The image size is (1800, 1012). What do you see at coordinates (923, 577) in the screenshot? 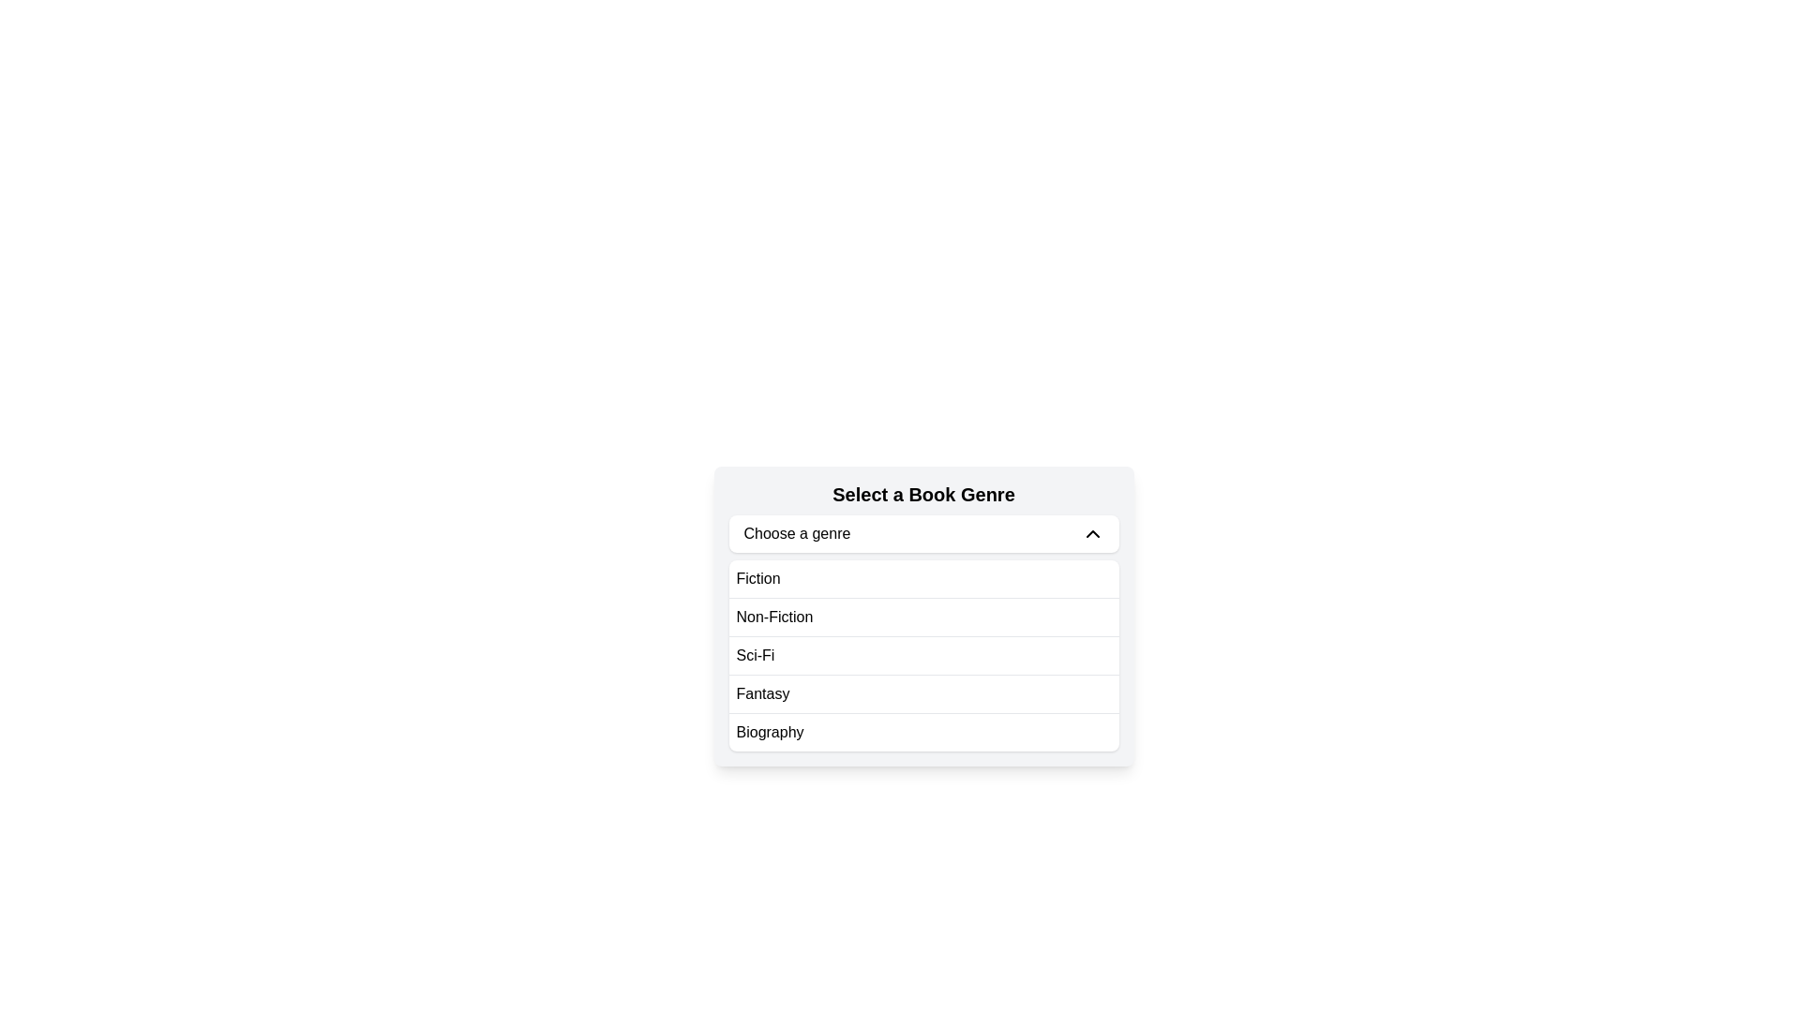
I see `the first item in the dropdown list representing the 'Fiction' book genre` at bounding box center [923, 577].